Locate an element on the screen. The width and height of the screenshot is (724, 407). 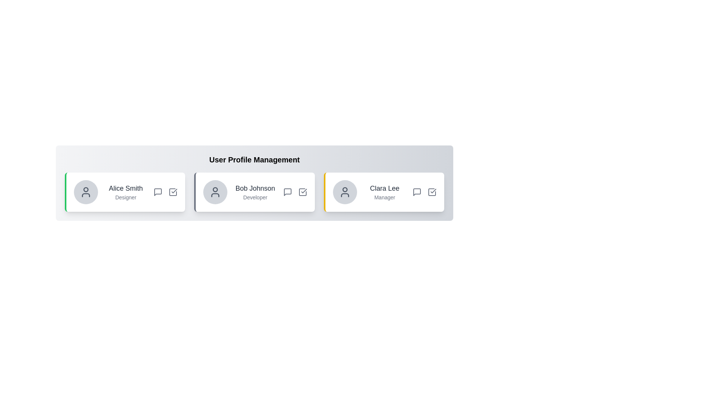
the user icon with a minimalistic outline design, located in the middle profile card above the name 'Bob Johnson' and the title 'Developer' is located at coordinates (215, 191).